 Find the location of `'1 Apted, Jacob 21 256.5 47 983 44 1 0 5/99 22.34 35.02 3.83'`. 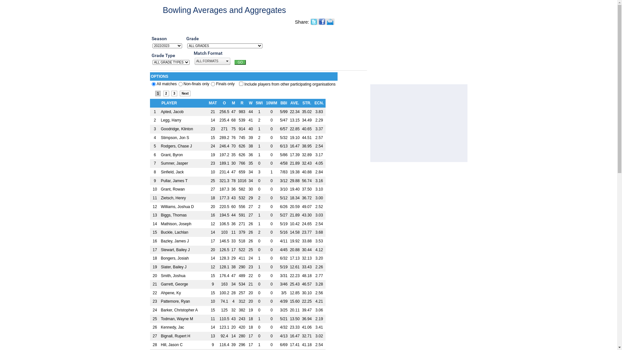

'1 Apted, Jacob 21 256.5 47 983 44 1 0 5/99 22.34 35.02 3.83' is located at coordinates (149, 111).